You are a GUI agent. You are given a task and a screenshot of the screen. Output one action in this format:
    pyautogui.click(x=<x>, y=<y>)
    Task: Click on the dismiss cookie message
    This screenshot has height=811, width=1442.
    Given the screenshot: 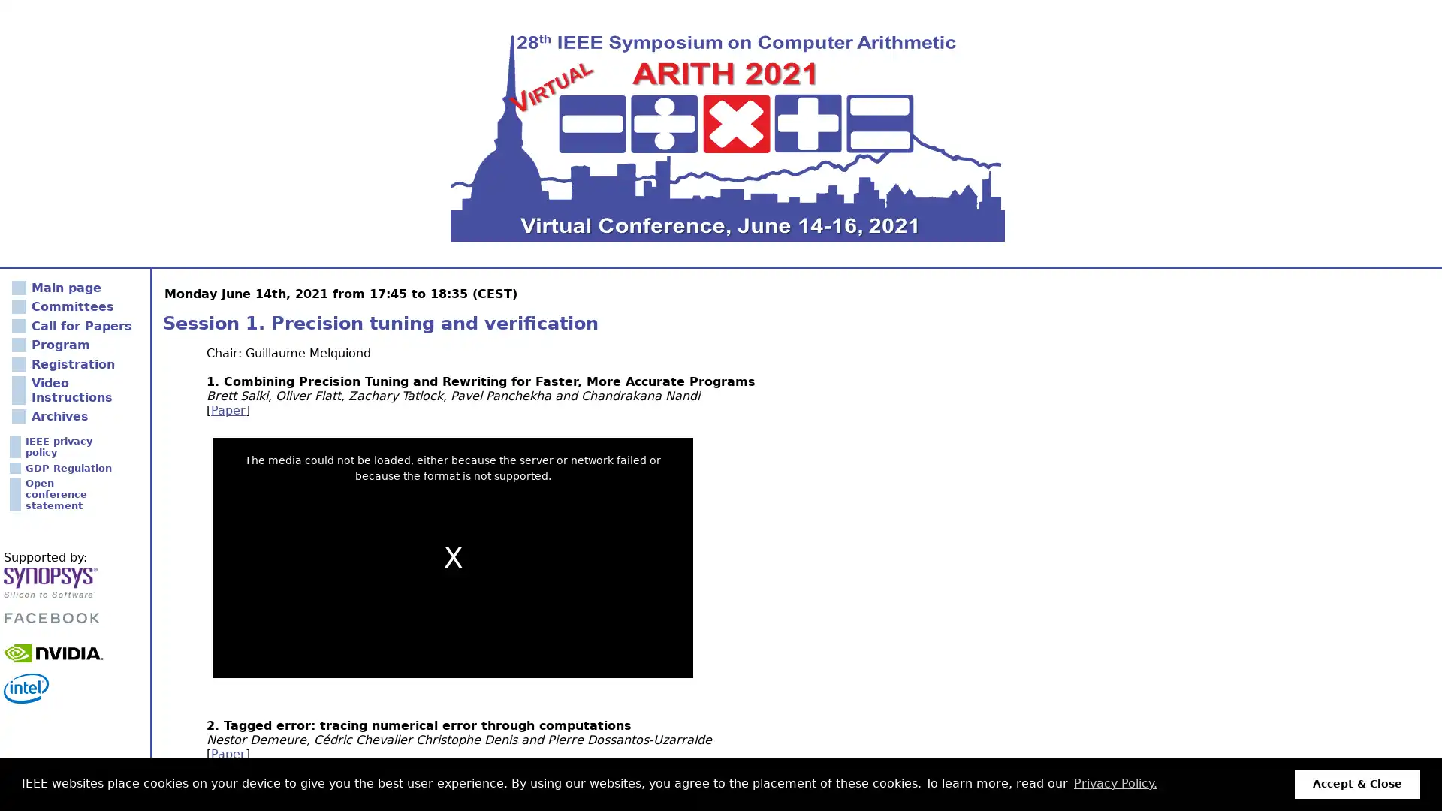 What is the action you would take?
    pyautogui.click(x=1357, y=783)
    